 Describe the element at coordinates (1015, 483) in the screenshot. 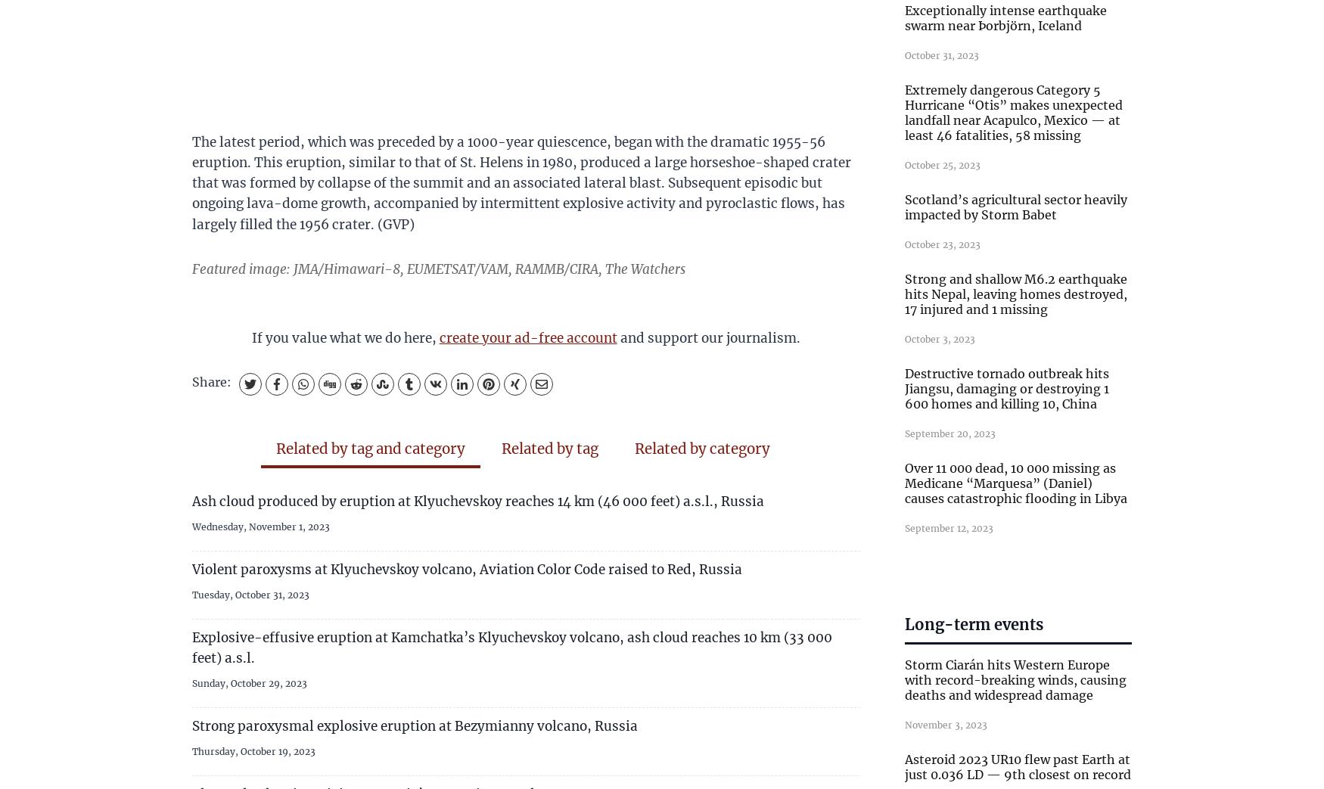

I see `'Over 11 000 dead, 10 000 missing as Medicane “Marquesa” (Daniel) causes catastrophic flooding in Libya'` at that location.